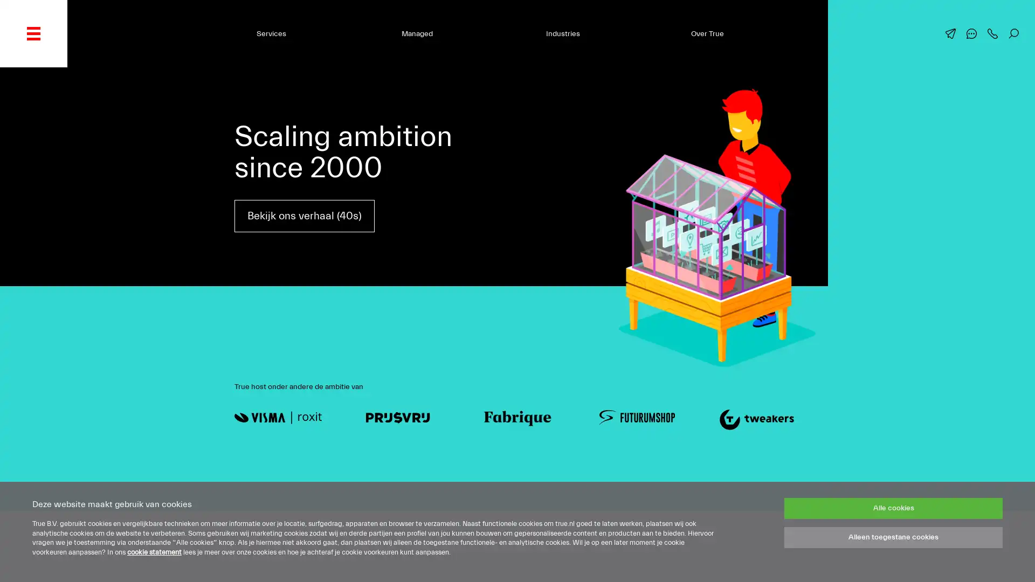 This screenshot has width=1035, height=582. I want to click on Alleen toegestane cookies, so click(893, 511).